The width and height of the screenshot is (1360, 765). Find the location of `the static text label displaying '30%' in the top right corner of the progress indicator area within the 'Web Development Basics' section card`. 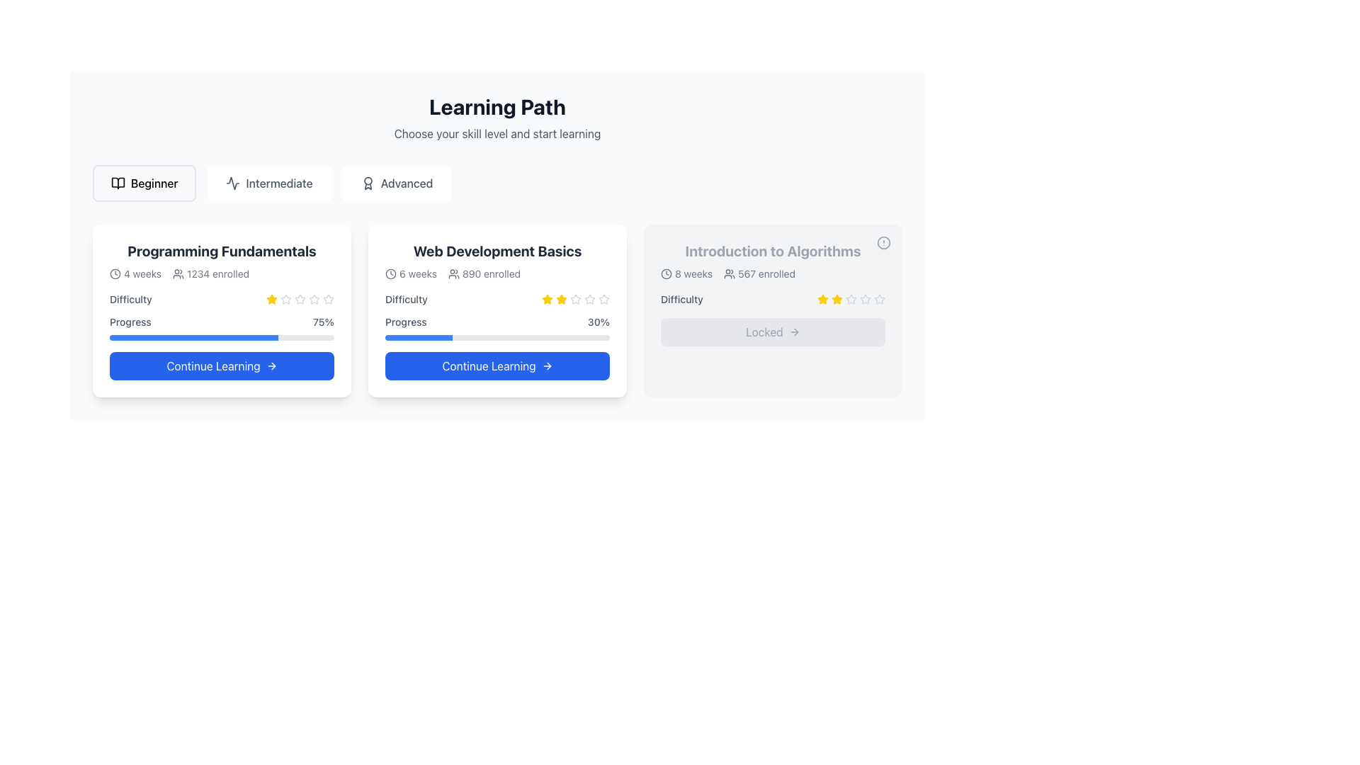

the static text label displaying '30%' in the top right corner of the progress indicator area within the 'Web Development Basics' section card is located at coordinates (599, 322).